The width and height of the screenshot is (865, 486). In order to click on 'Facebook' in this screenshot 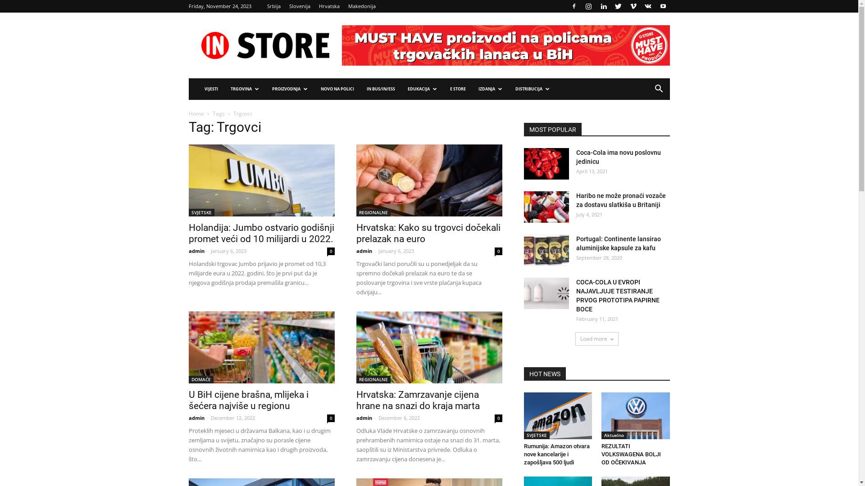, I will do `click(573, 6)`.